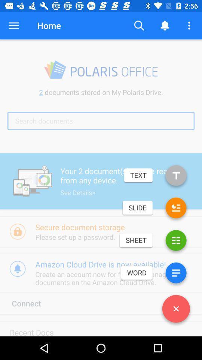 This screenshot has width=202, height=360. Describe the element at coordinates (176, 310) in the screenshot. I see `screen` at that location.